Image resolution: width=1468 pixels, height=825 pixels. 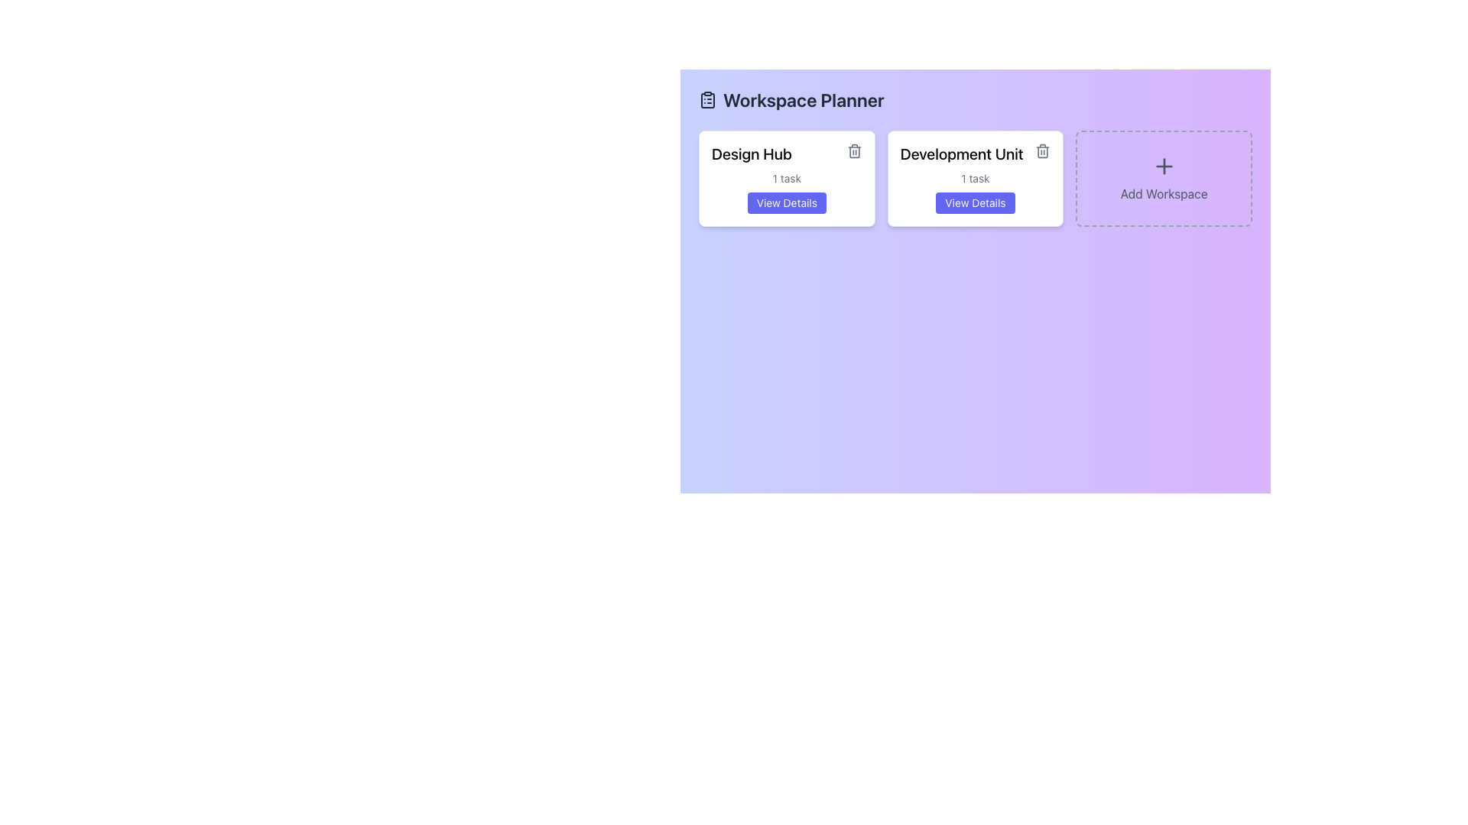 What do you see at coordinates (975, 157) in the screenshot?
I see `the text label that serves as the title for the card, which is positioned at the top-left of the second card in the layout, aligned horizontally with the trash icon to its right` at bounding box center [975, 157].